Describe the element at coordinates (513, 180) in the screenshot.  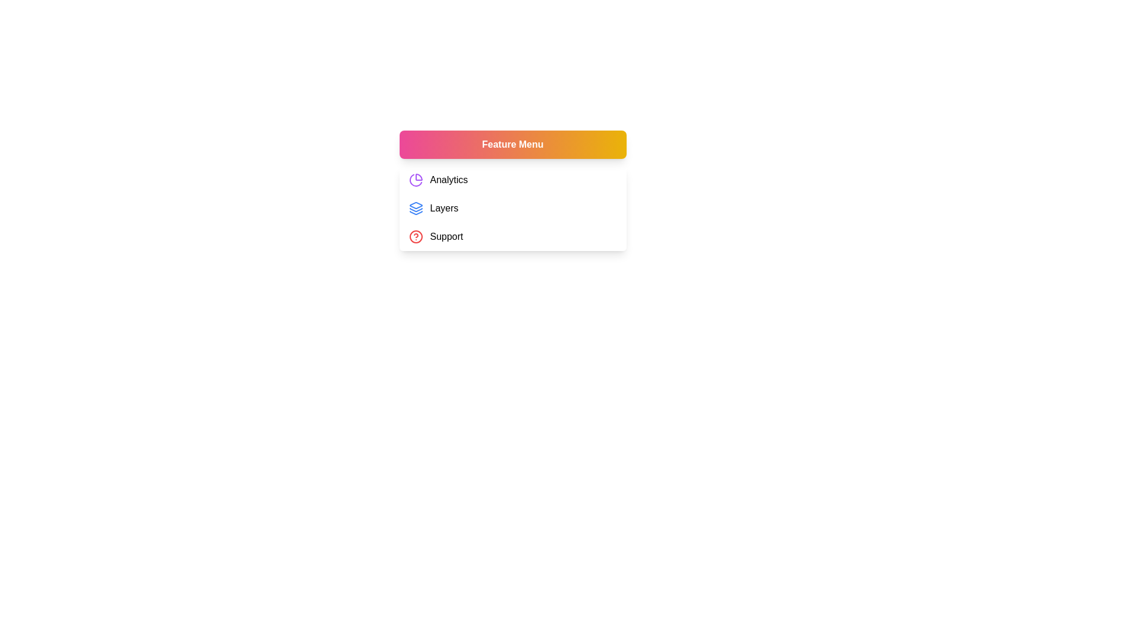
I see `the 'Analytics' option in the menu` at that location.